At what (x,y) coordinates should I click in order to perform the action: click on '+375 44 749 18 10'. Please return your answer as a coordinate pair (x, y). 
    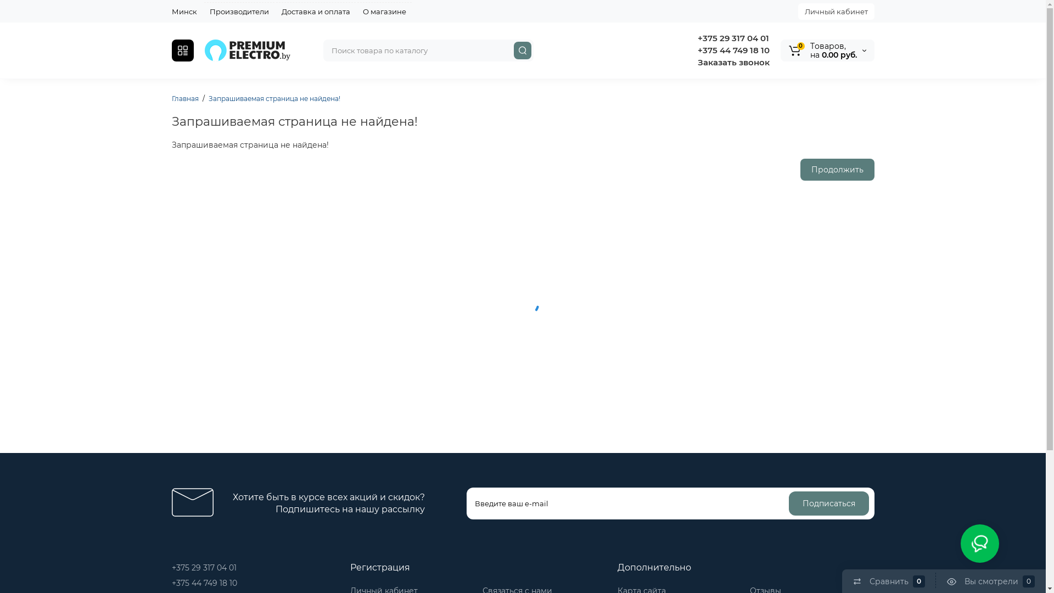
    Looking at the image, I should click on (204, 582).